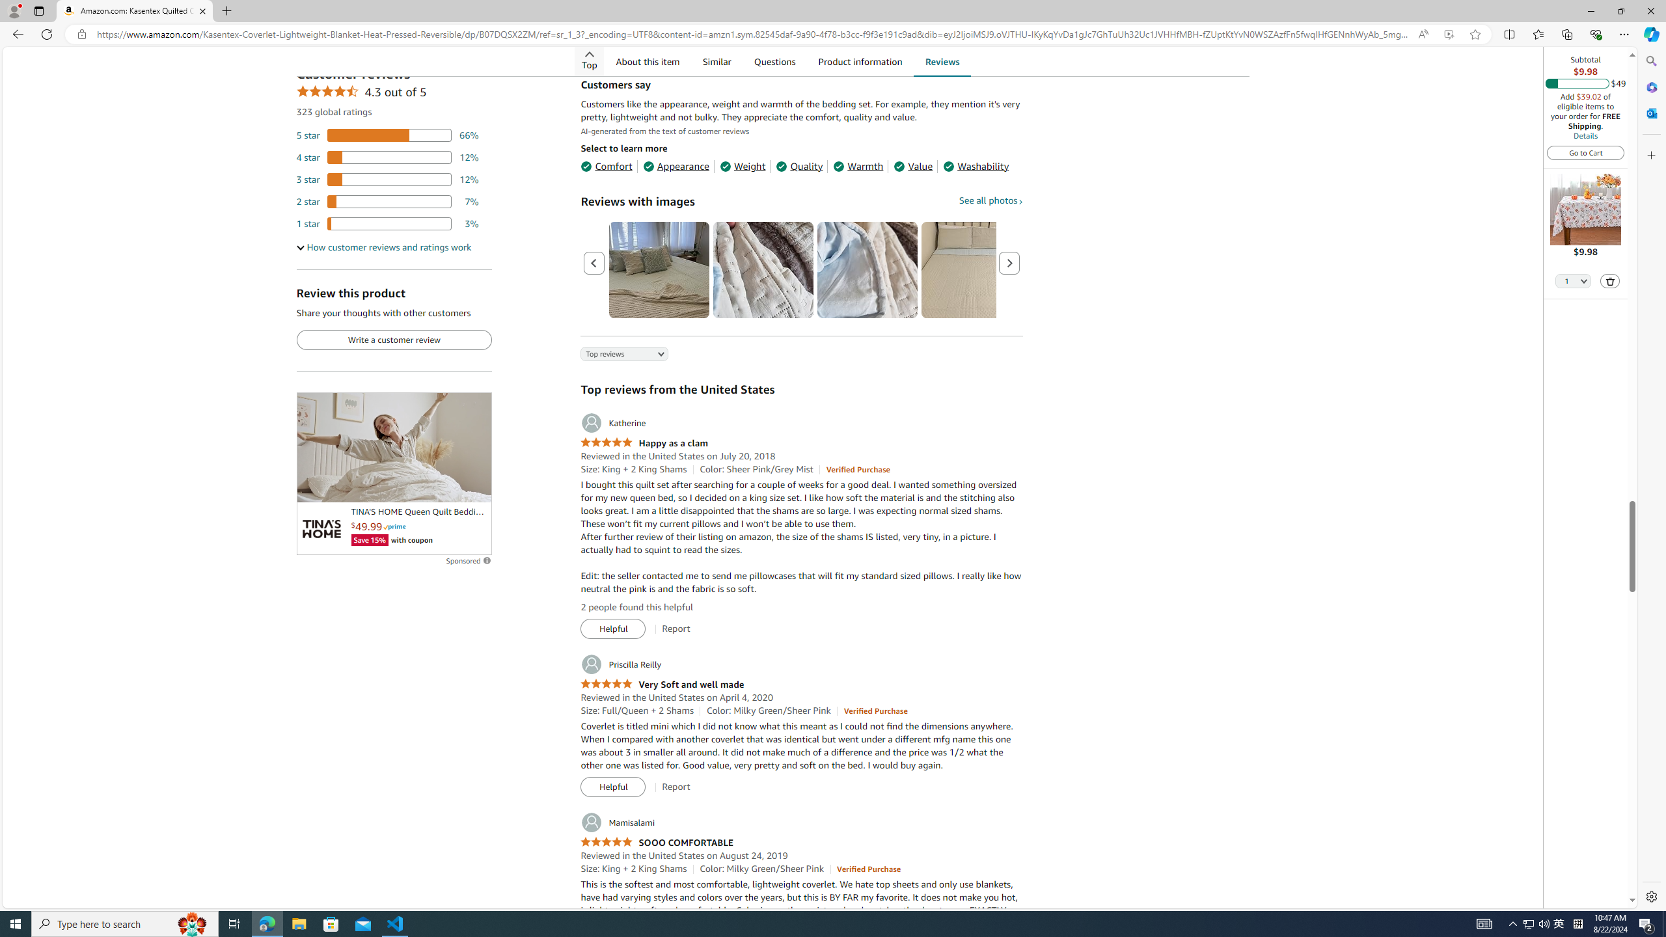 Image resolution: width=1666 pixels, height=937 pixels. What do you see at coordinates (605, 165) in the screenshot?
I see `'Comfort'` at bounding box center [605, 165].